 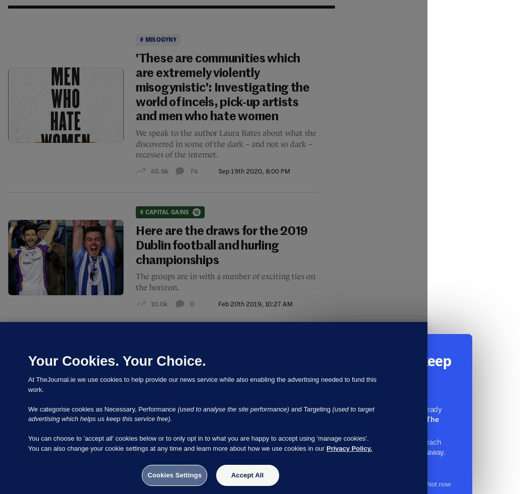 What do you see at coordinates (156, 447) in the screenshot?
I see `'6.4k'` at bounding box center [156, 447].